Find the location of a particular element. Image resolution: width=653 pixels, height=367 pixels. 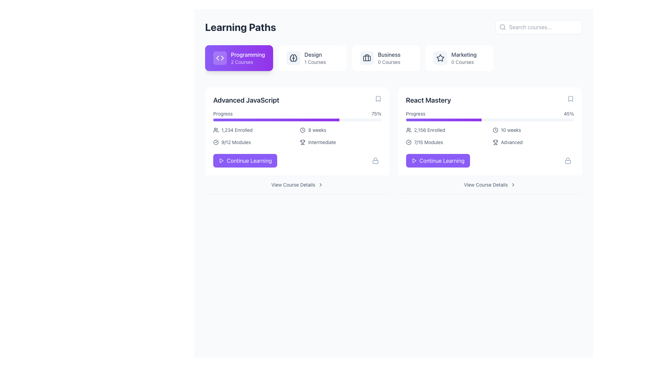

the button located in the bottom-right section of the 'React Mastery' card is located at coordinates (438, 161).